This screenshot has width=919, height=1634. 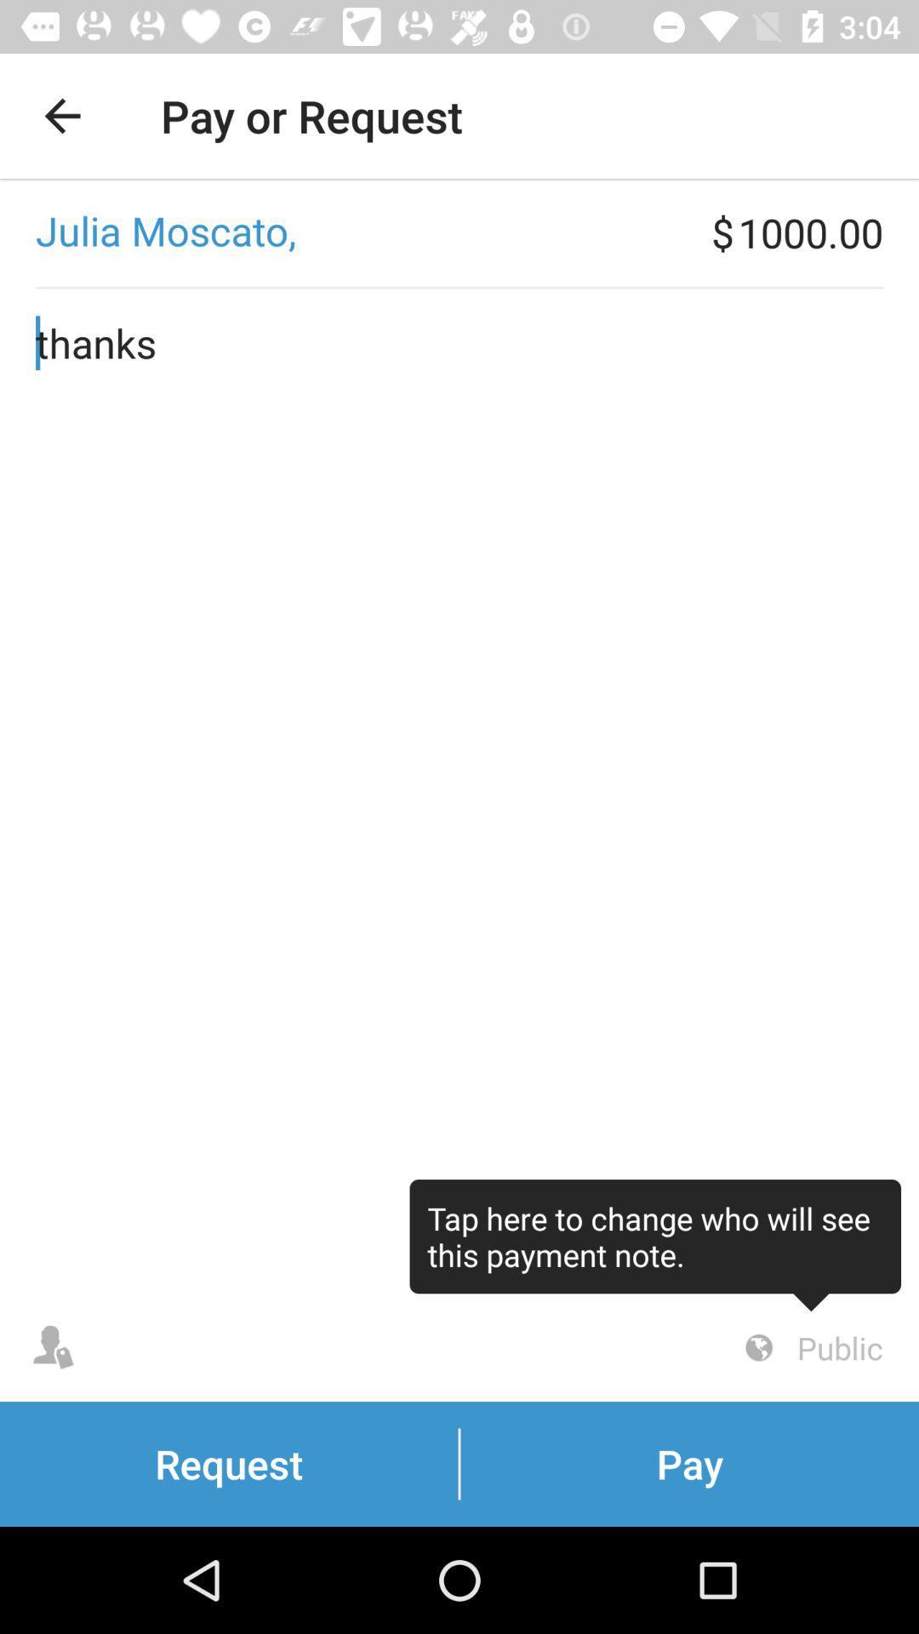 I want to click on the item to the left of the $ icon, so click(x=355, y=231).